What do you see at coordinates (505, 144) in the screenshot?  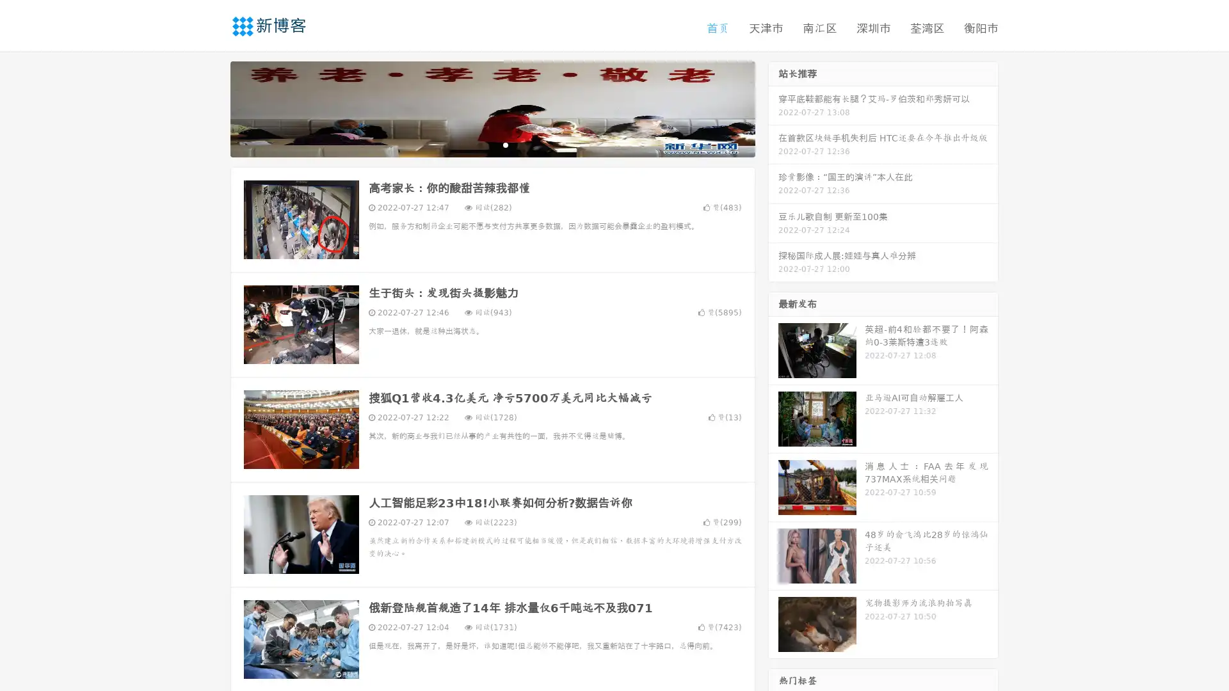 I see `Go to slide 3` at bounding box center [505, 144].